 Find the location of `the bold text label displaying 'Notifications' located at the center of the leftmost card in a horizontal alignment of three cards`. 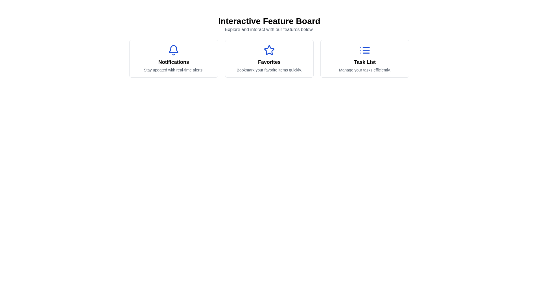

the bold text label displaying 'Notifications' located at the center of the leftmost card in a horizontal alignment of three cards is located at coordinates (173, 62).